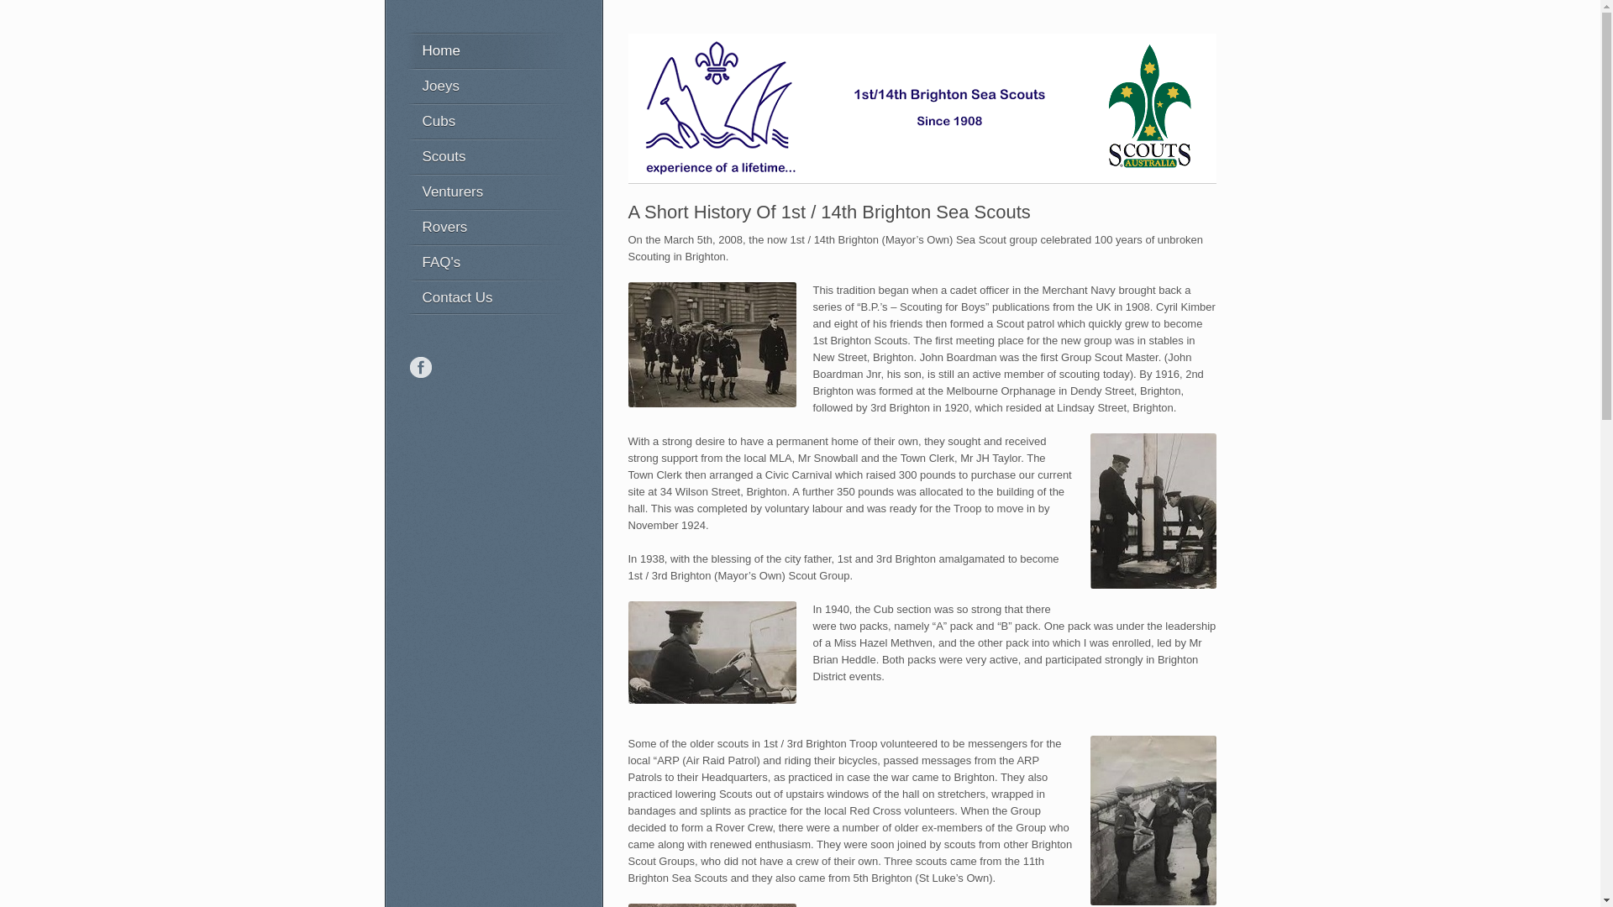  I want to click on 'Home', so click(404, 50).